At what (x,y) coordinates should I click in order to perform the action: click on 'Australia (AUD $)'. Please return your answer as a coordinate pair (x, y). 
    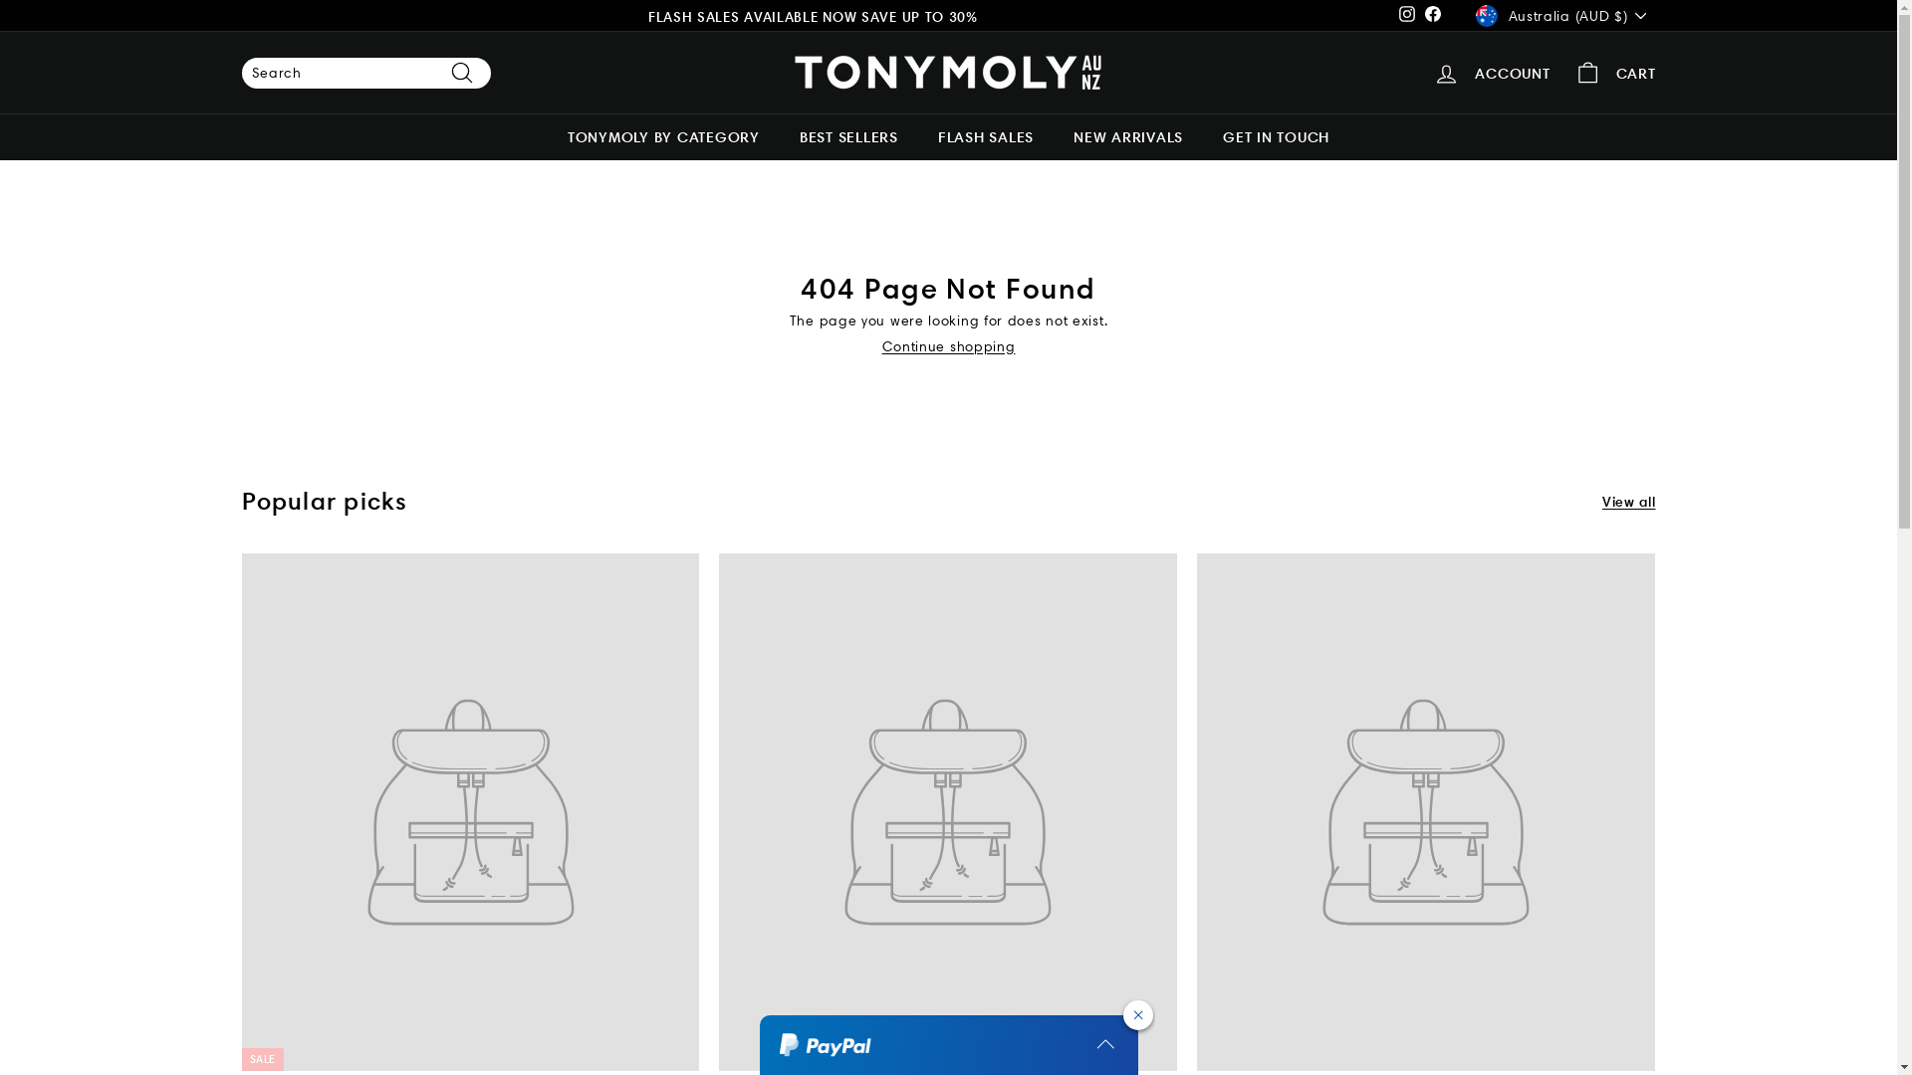
    Looking at the image, I should click on (1563, 15).